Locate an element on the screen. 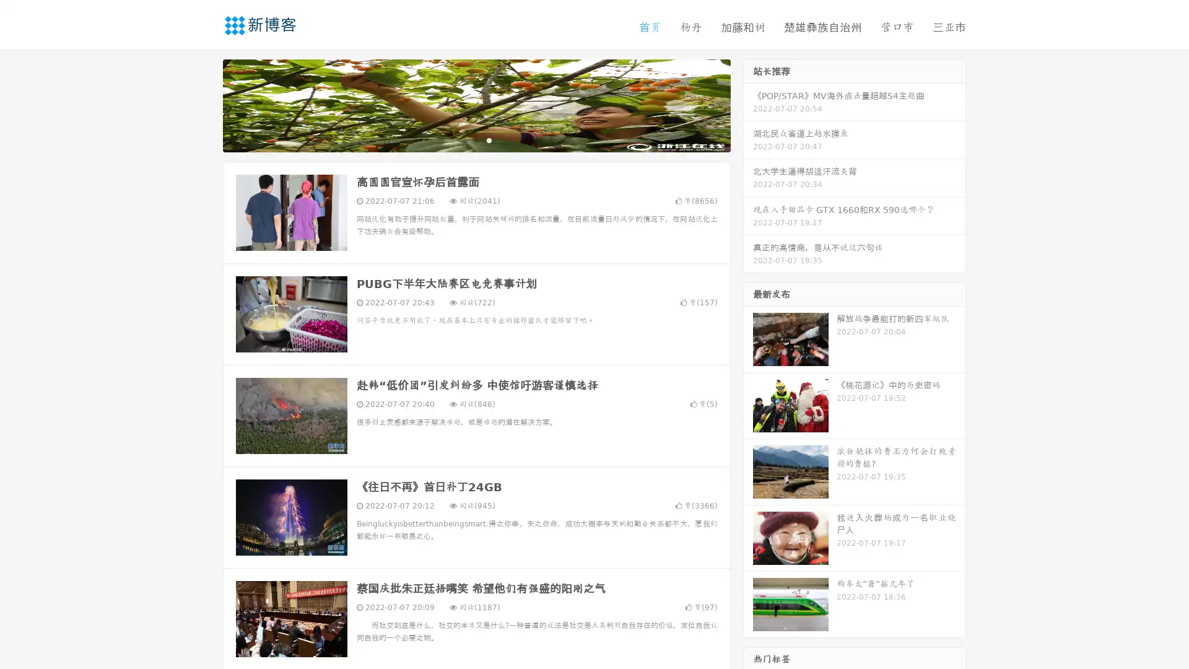 The height and width of the screenshot is (669, 1189). Previous slide is located at coordinates (204, 104).